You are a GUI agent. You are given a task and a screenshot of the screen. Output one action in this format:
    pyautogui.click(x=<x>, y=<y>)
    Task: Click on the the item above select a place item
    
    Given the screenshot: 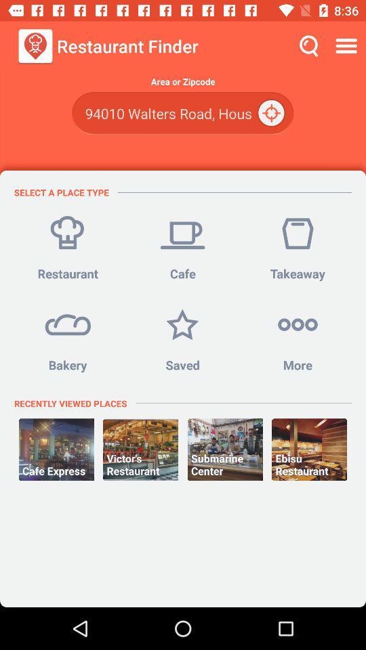 What is the action you would take?
    pyautogui.click(x=182, y=112)
    